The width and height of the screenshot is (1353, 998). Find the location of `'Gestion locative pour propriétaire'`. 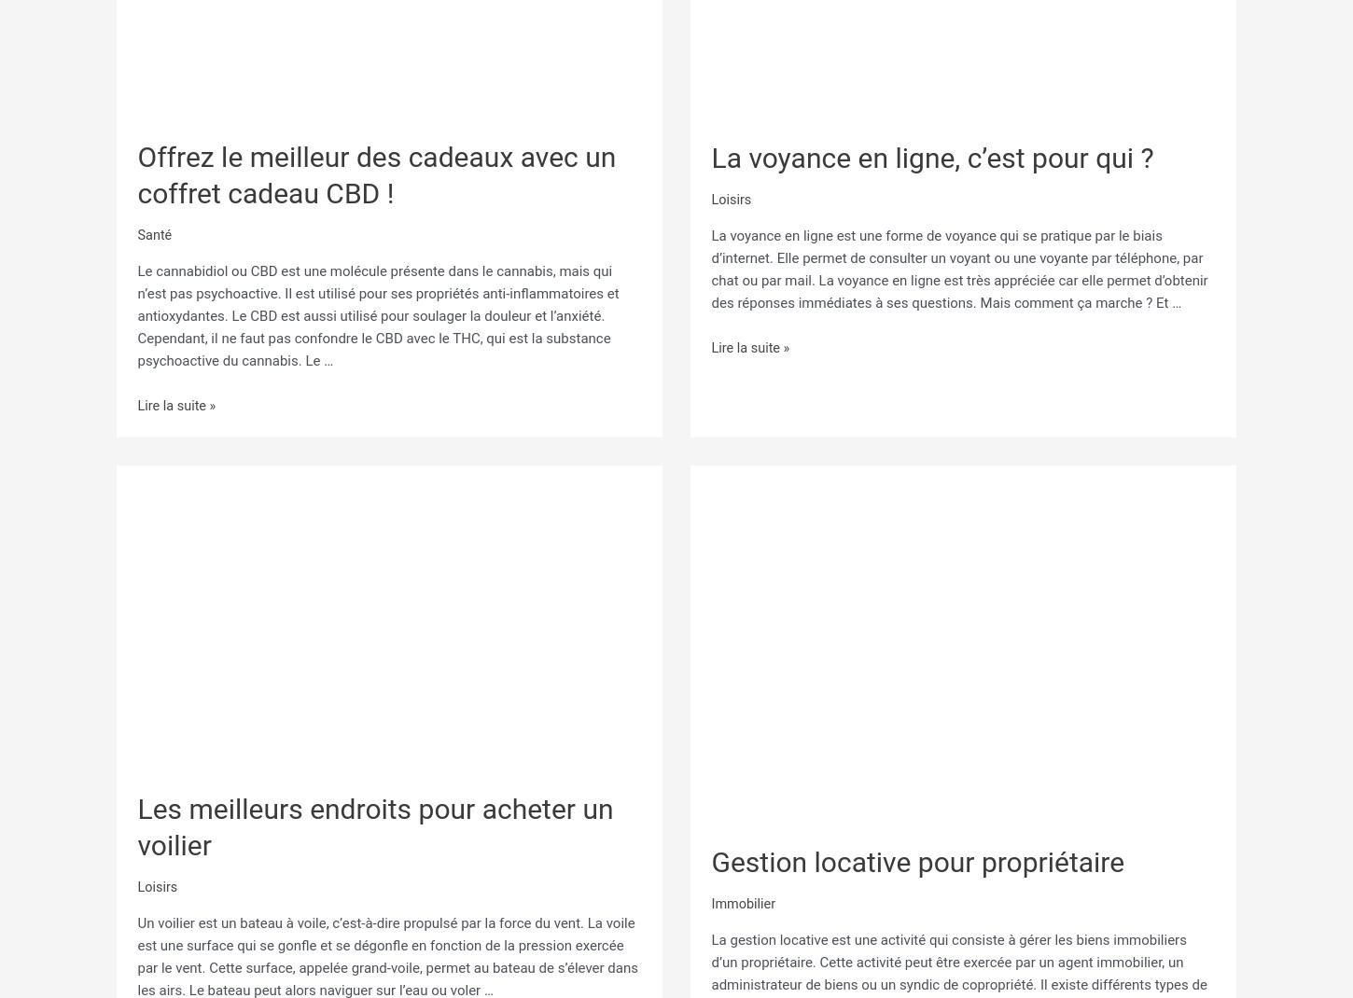

'Gestion locative pour propriétaire' is located at coordinates (917, 856).